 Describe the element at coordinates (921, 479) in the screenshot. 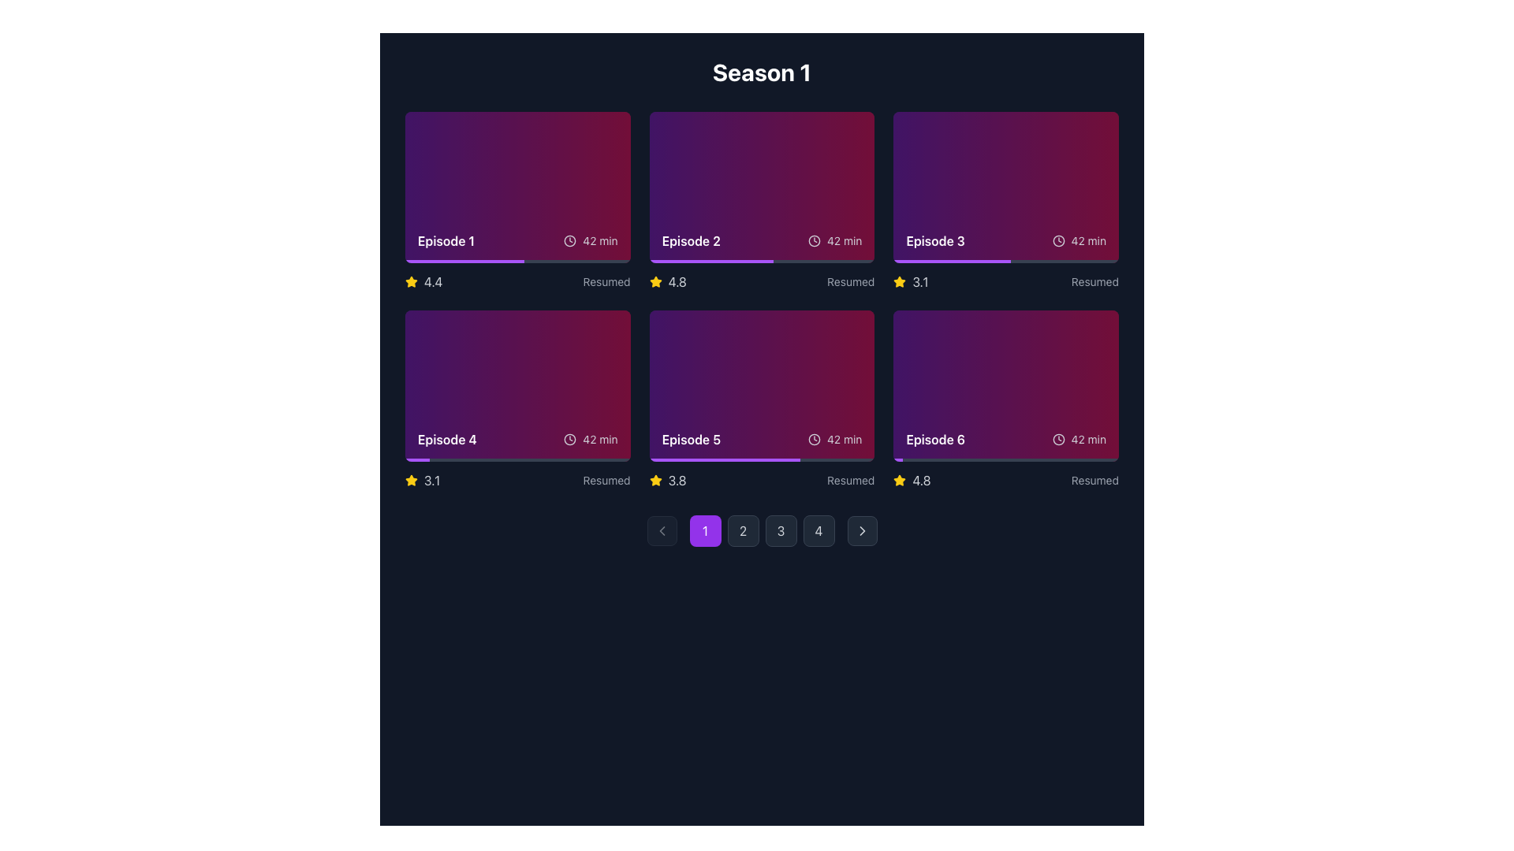

I see `the Text label displaying '4.8' in gray color, located at the bottom-right corner of the grid layout under the 'Episode 6' section, immediately to the right of the yellow star icon` at that location.